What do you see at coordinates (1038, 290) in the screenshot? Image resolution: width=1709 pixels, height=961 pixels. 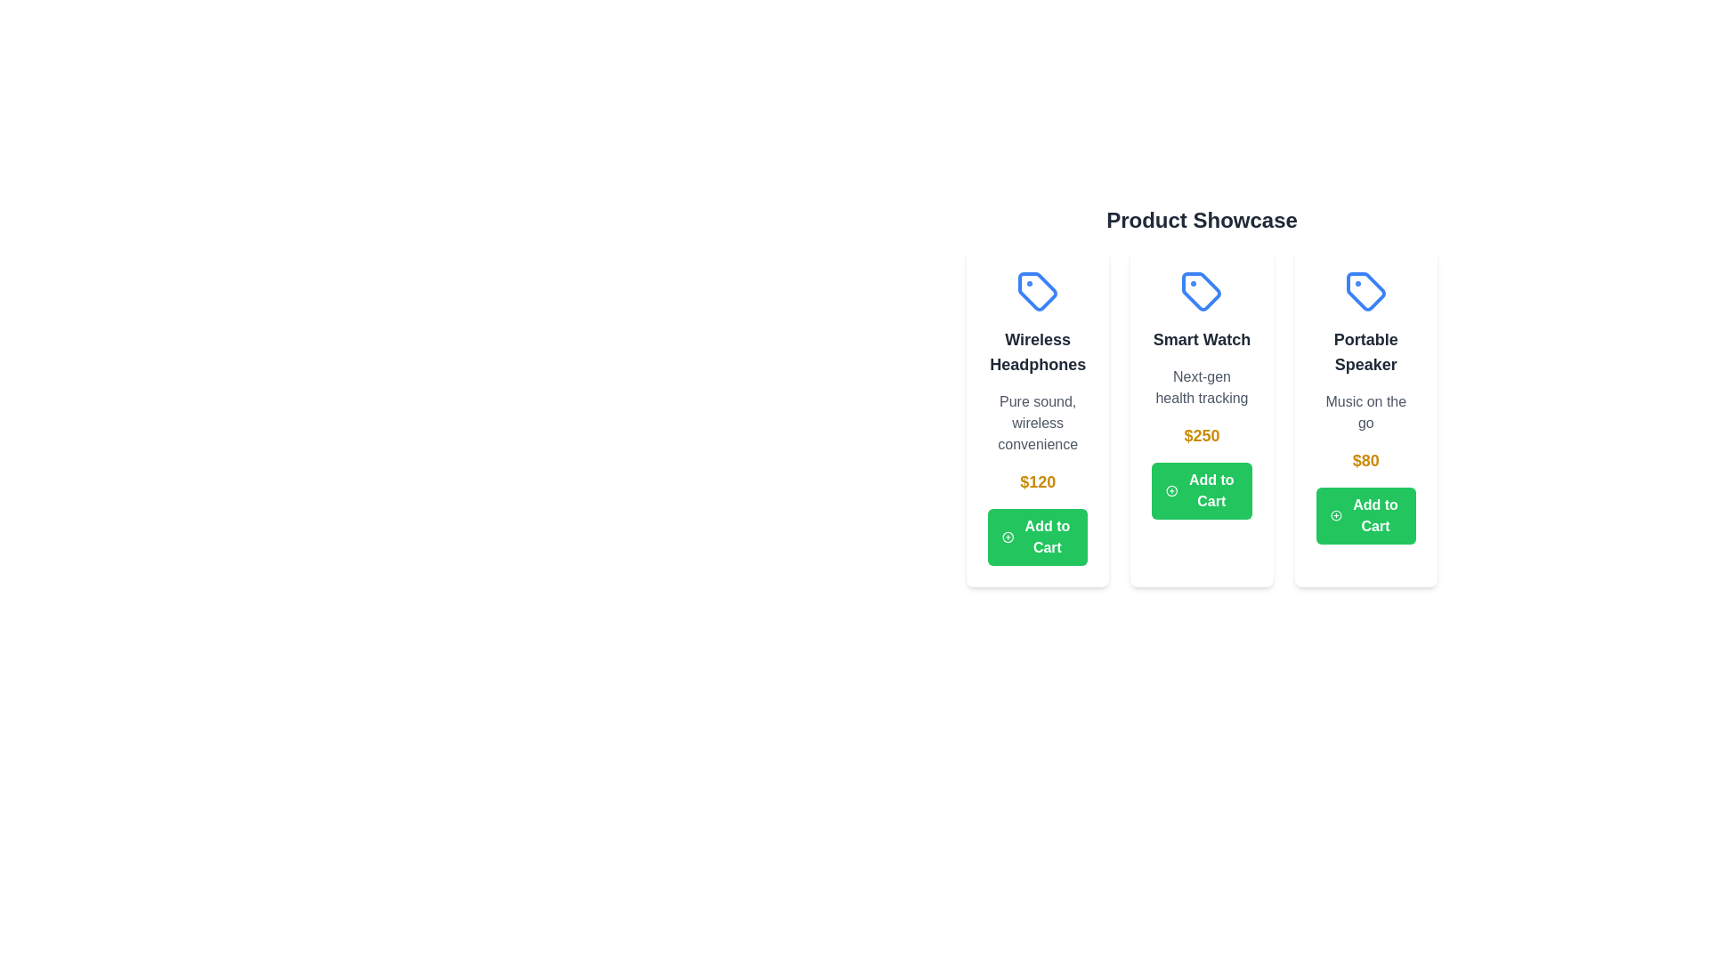 I see `the icon of the first product card` at bounding box center [1038, 290].